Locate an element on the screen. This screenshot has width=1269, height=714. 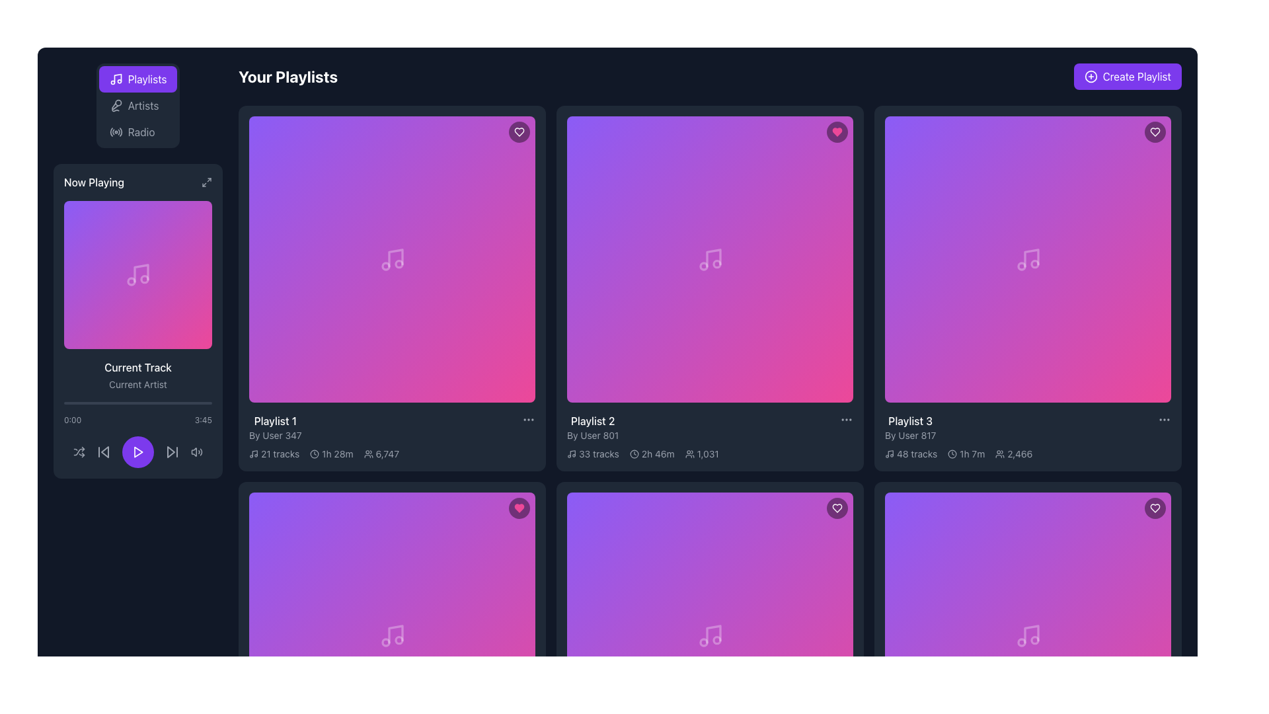
the skip-forward button, which is represented by a gray triangle pointing to the right with a vertical bar at its right edge, located in the control panel under the 'Now Playing' section as the rightmost icon in the row of playback controls is located at coordinates (171, 451).